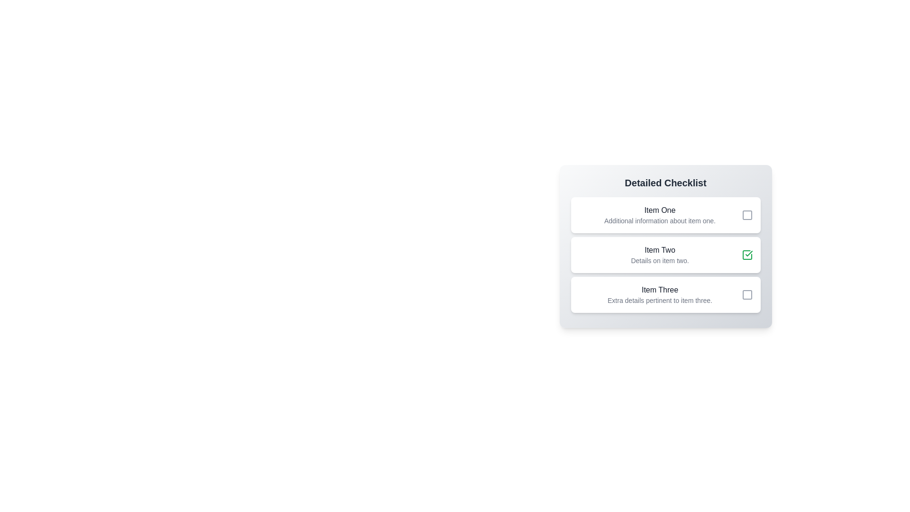  I want to click on the checklist item labeled 'Item Two' to mark it as done, so click(665, 254).